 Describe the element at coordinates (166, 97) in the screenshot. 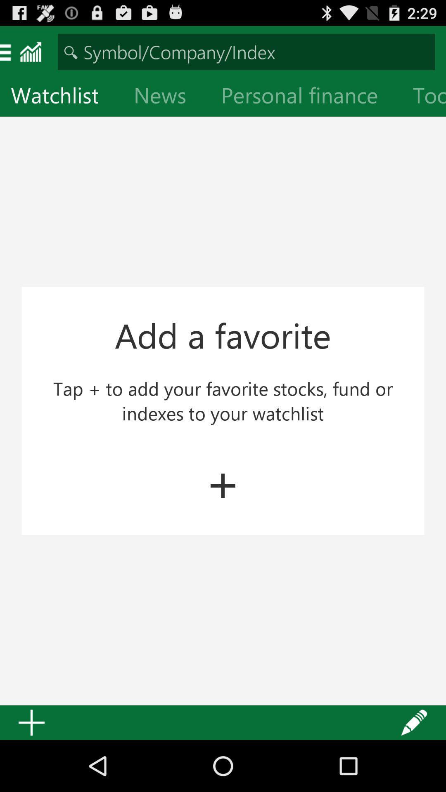

I see `the item next to personal finance item` at that location.